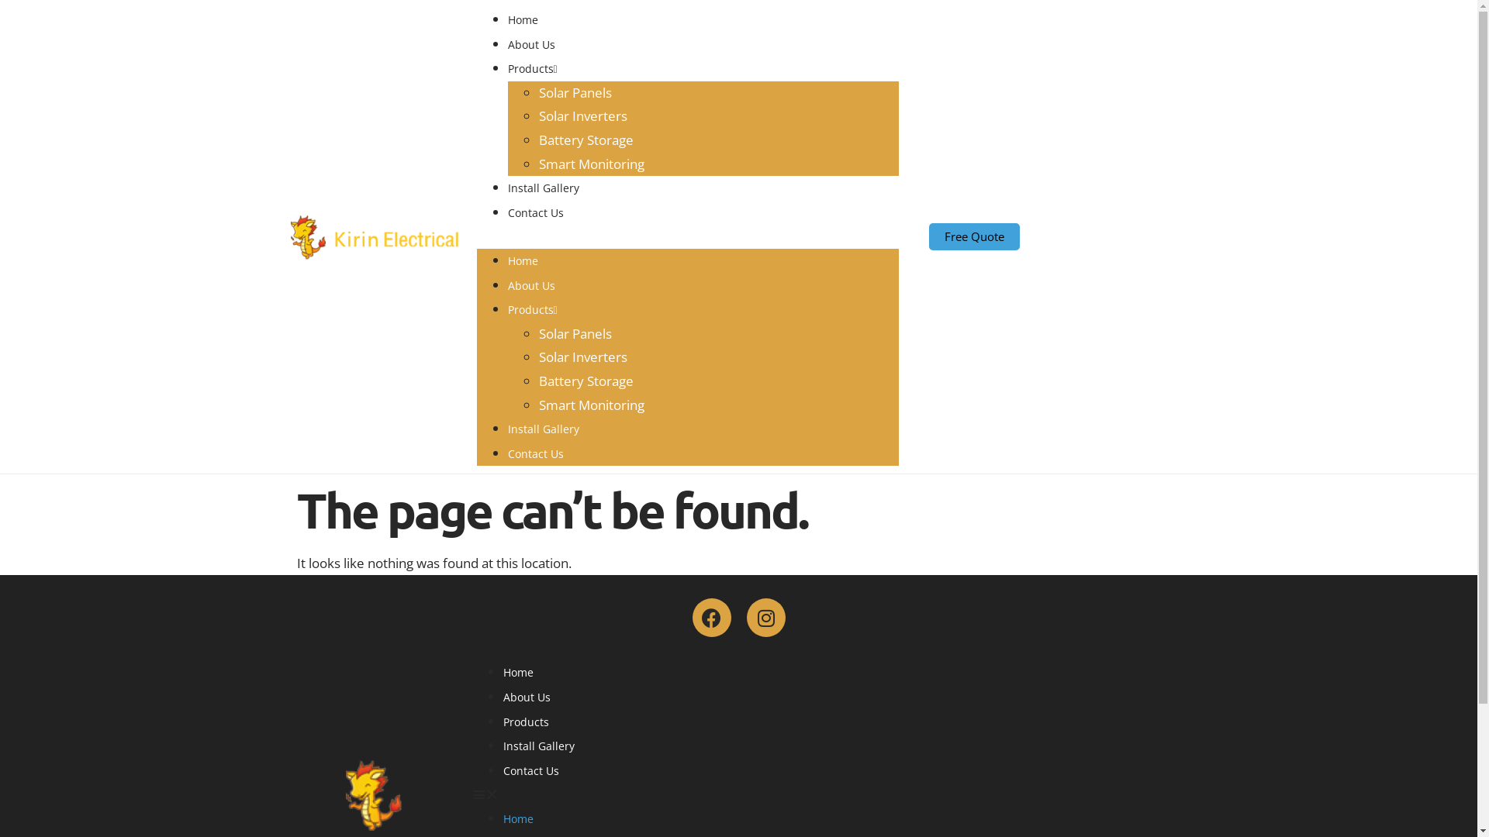  What do you see at coordinates (573, 332) in the screenshot?
I see `'Solar Panels'` at bounding box center [573, 332].